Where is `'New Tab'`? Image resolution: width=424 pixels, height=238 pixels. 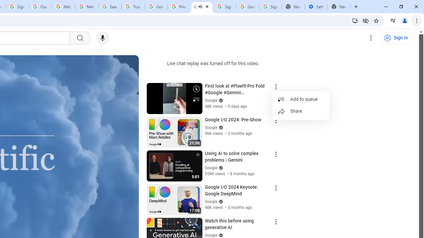
'New Tab' is located at coordinates (339, 7).